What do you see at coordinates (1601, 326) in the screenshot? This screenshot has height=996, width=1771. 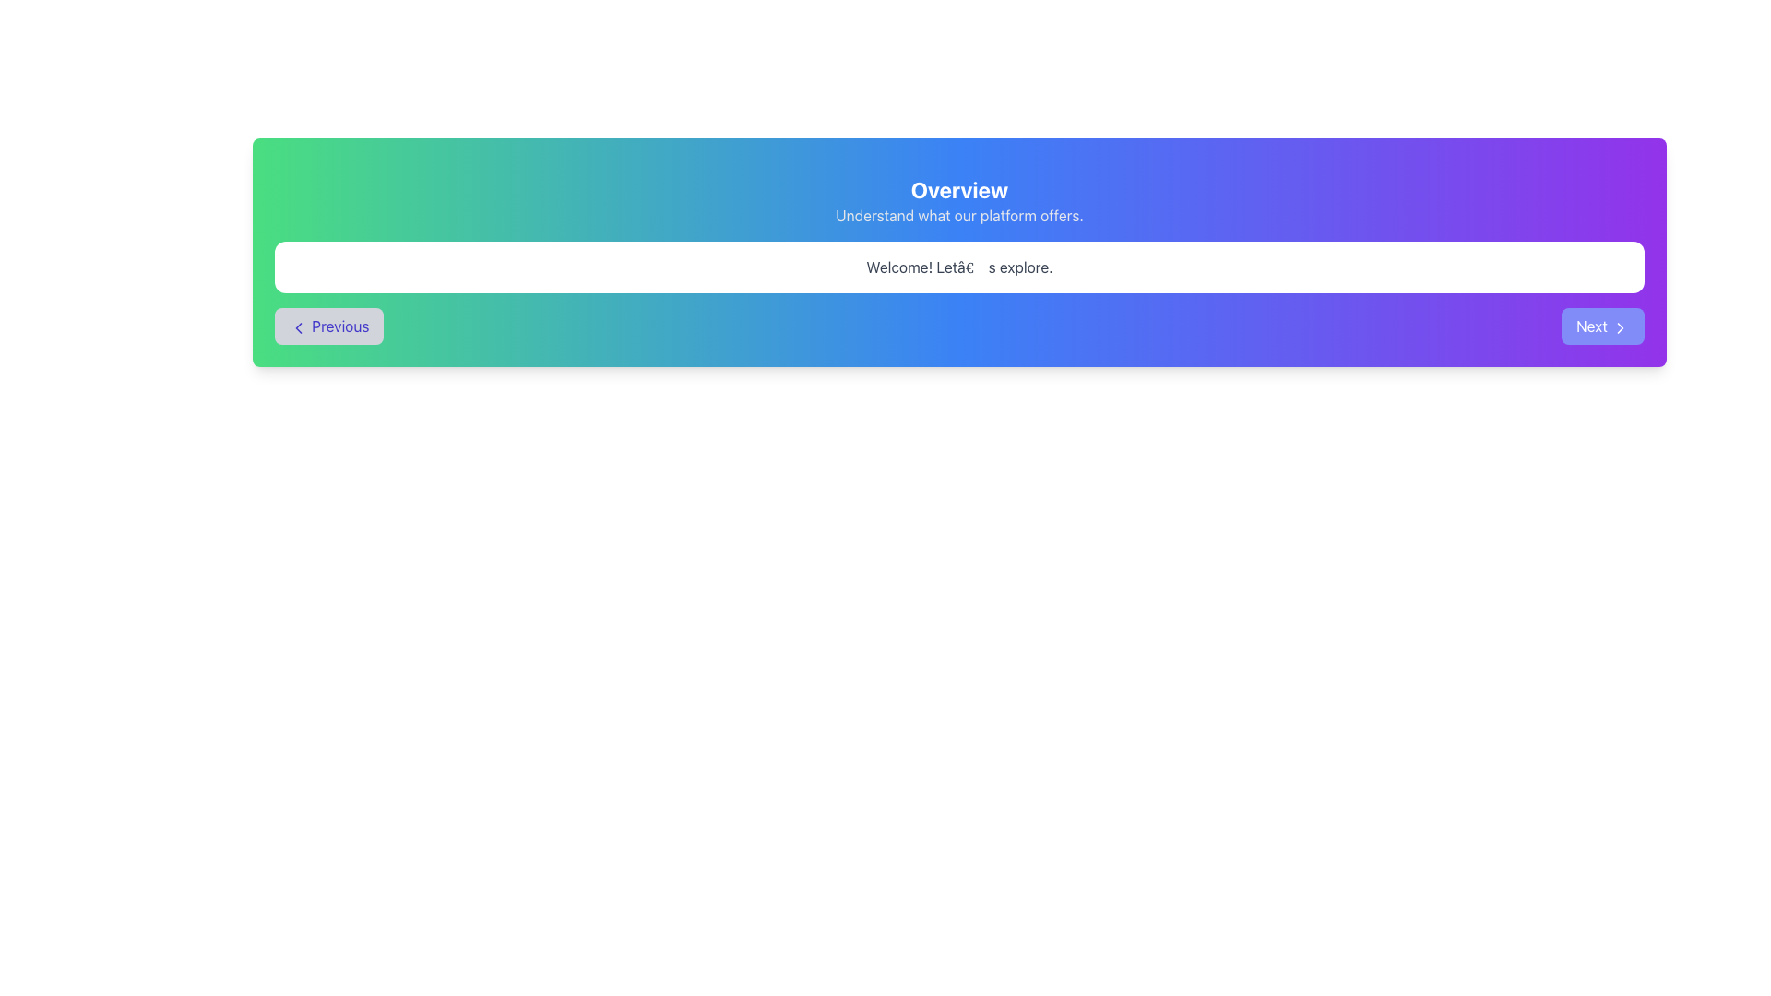 I see `the 'Next' button with a purple background and white text` at bounding box center [1601, 326].